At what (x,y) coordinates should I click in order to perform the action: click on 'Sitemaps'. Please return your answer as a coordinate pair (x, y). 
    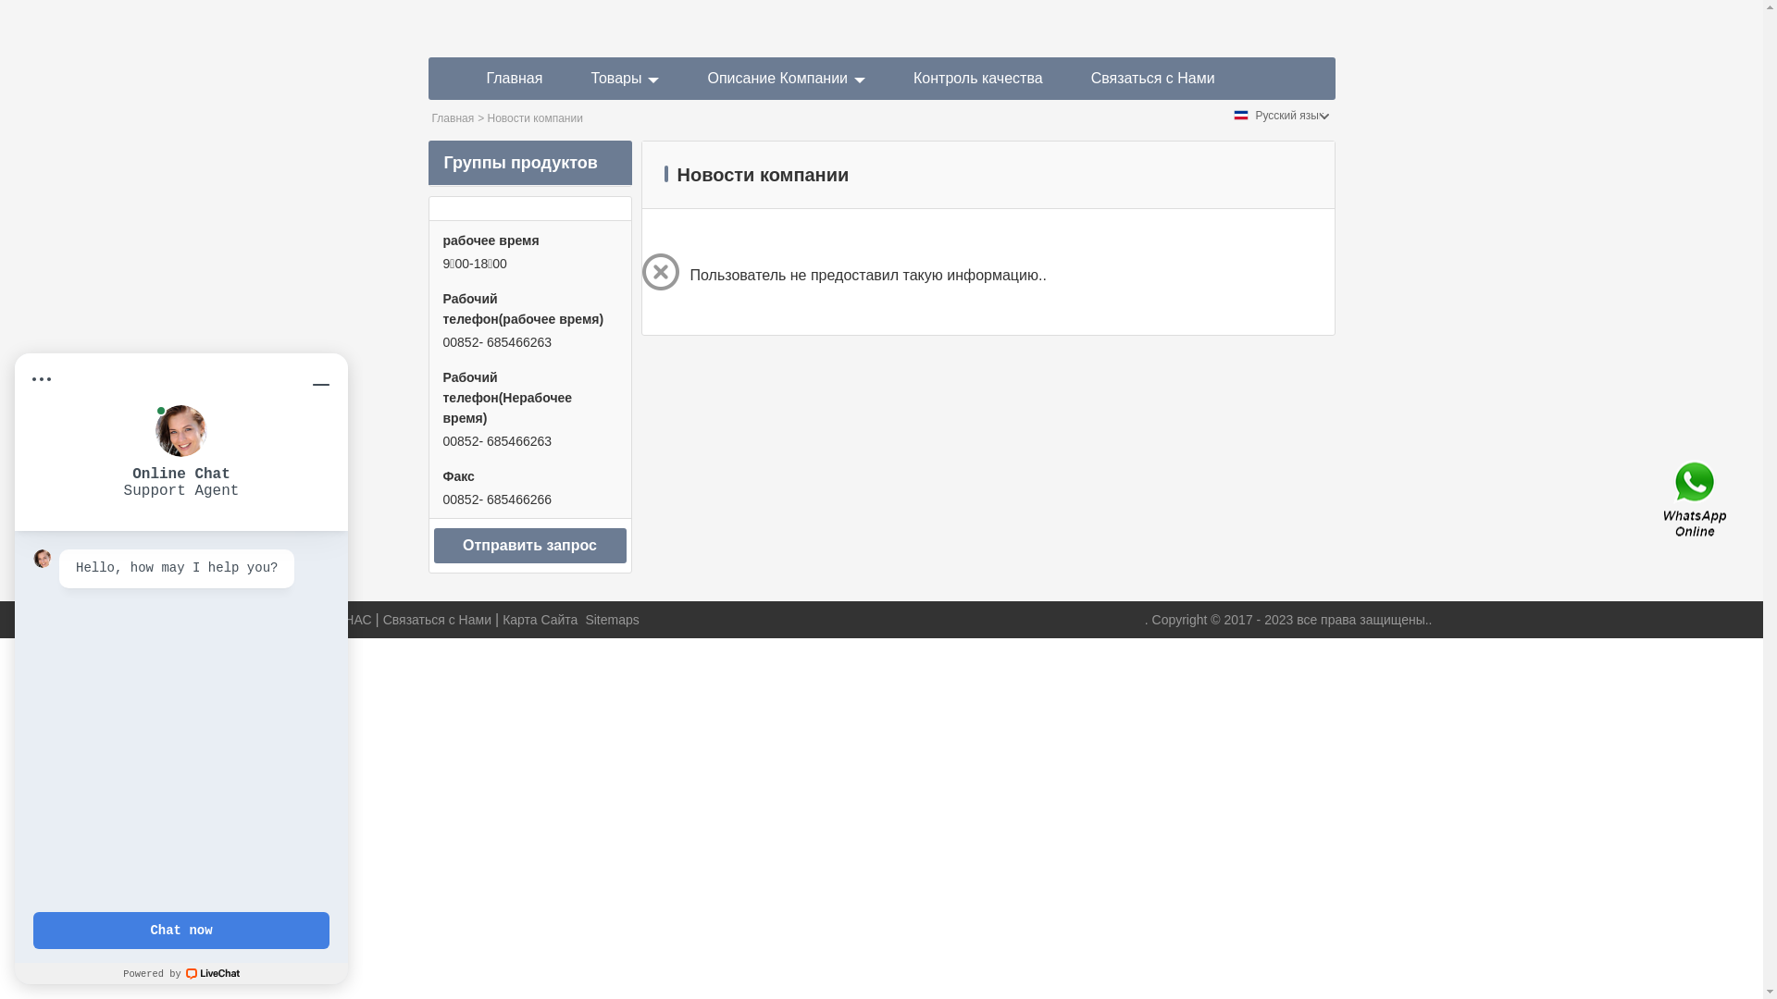
    Looking at the image, I should click on (612, 620).